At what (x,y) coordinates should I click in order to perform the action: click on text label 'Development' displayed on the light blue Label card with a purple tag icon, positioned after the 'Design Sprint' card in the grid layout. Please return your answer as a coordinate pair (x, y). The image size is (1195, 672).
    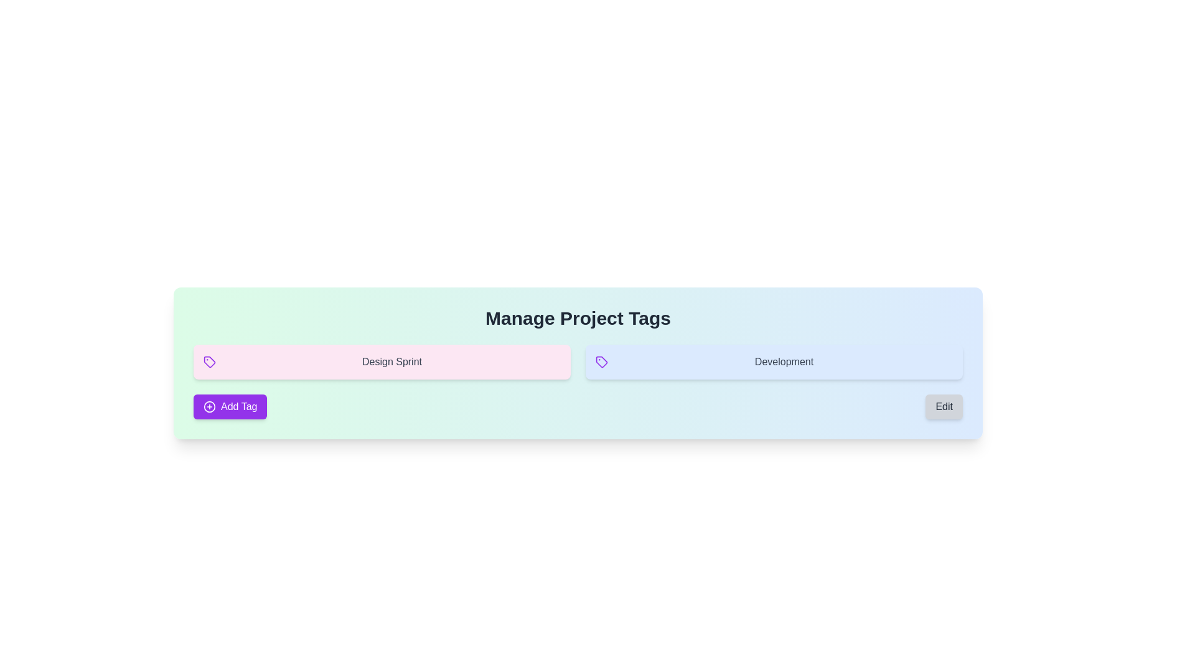
    Looking at the image, I should click on (773, 362).